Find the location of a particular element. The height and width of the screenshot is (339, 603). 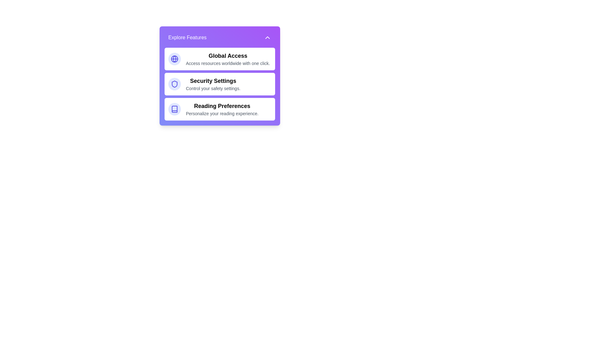

text content of the textual component that serves as a title and description for reading preferences, located below 'Global Access' and 'Security Settings' is located at coordinates (222, 109).